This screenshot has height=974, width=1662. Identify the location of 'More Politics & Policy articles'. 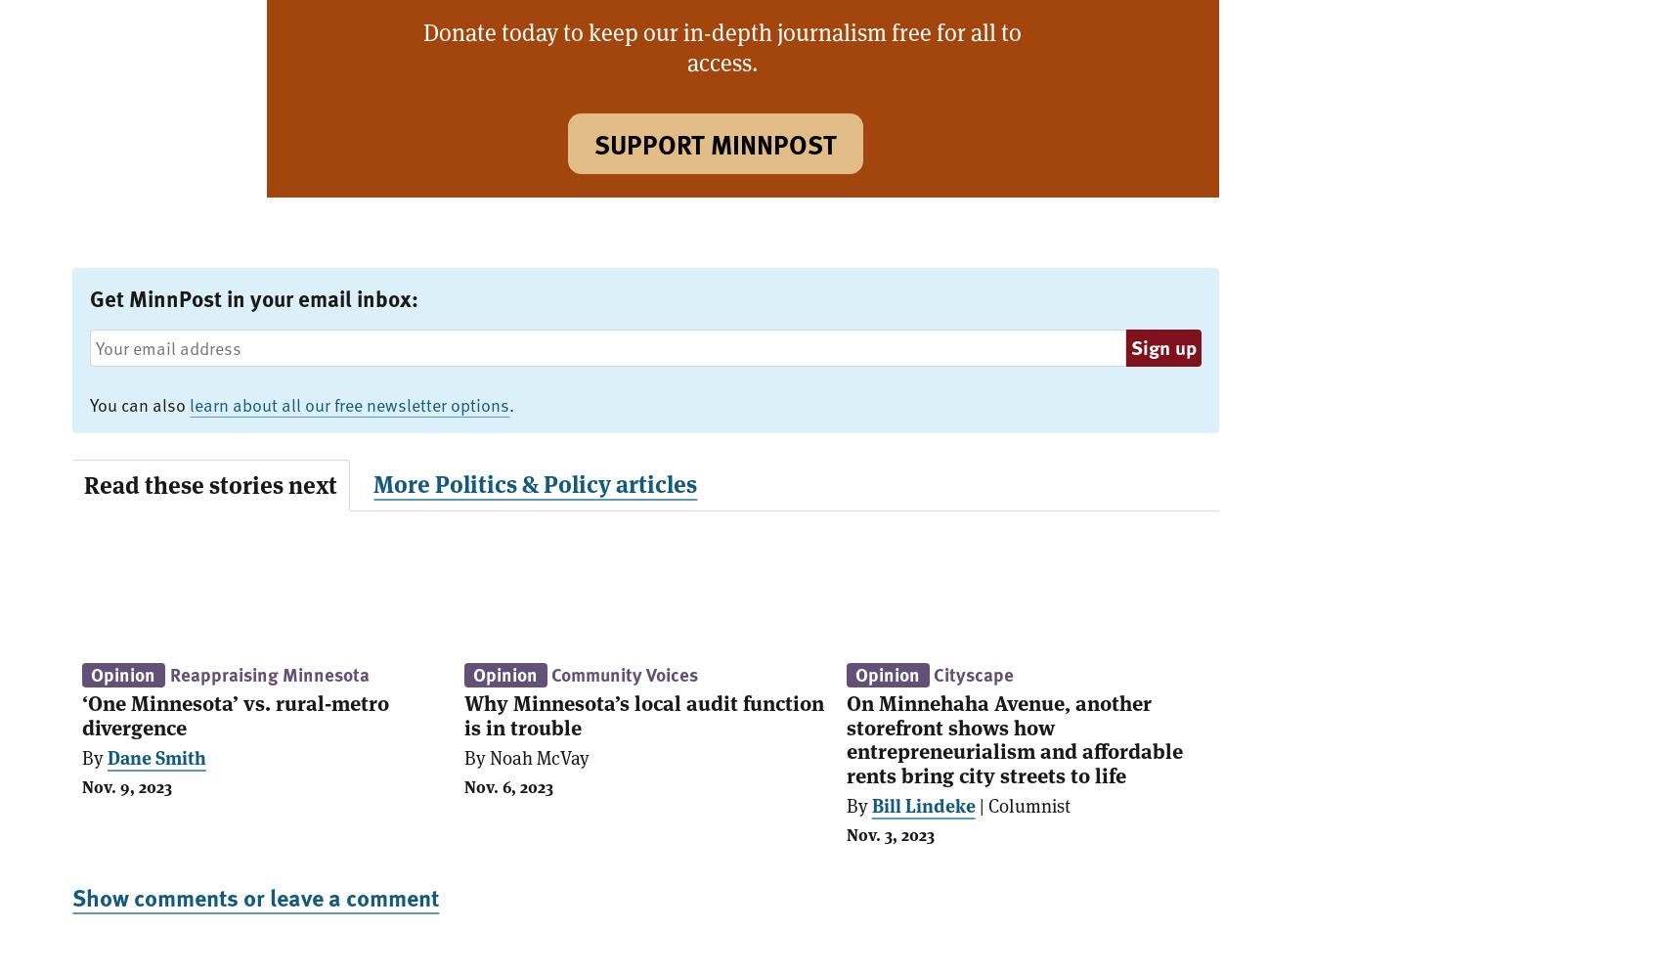
(534, 482).